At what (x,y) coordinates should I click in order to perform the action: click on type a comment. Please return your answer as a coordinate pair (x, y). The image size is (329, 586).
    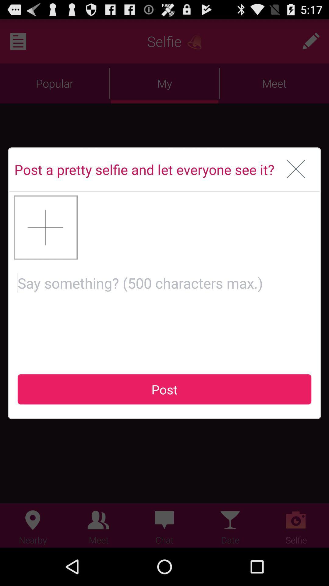
    Looking at the image, I should click on (164, 312).